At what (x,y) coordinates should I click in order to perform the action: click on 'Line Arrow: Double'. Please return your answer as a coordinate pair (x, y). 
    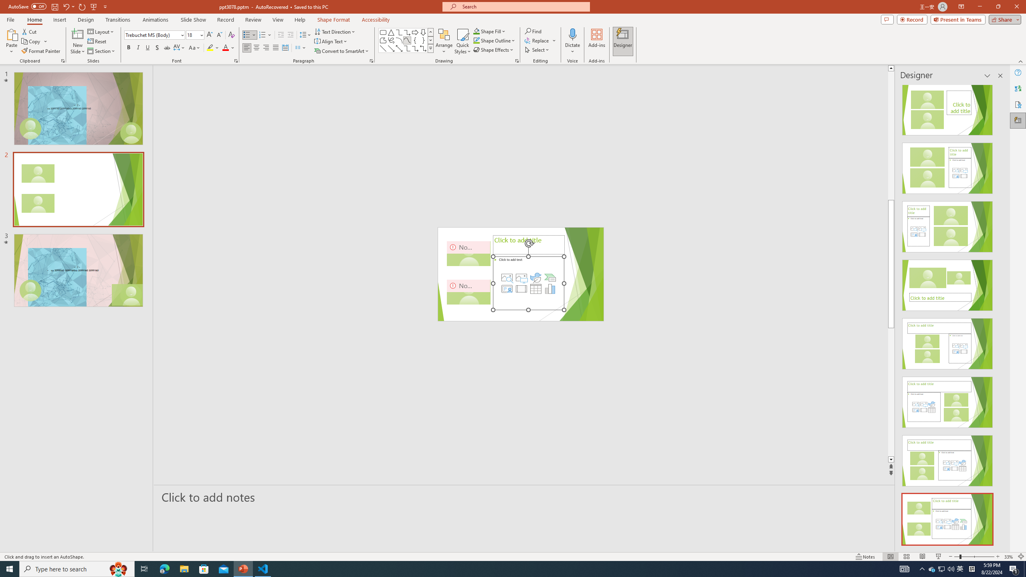
    Looking at the image, I should click on (398, 48).